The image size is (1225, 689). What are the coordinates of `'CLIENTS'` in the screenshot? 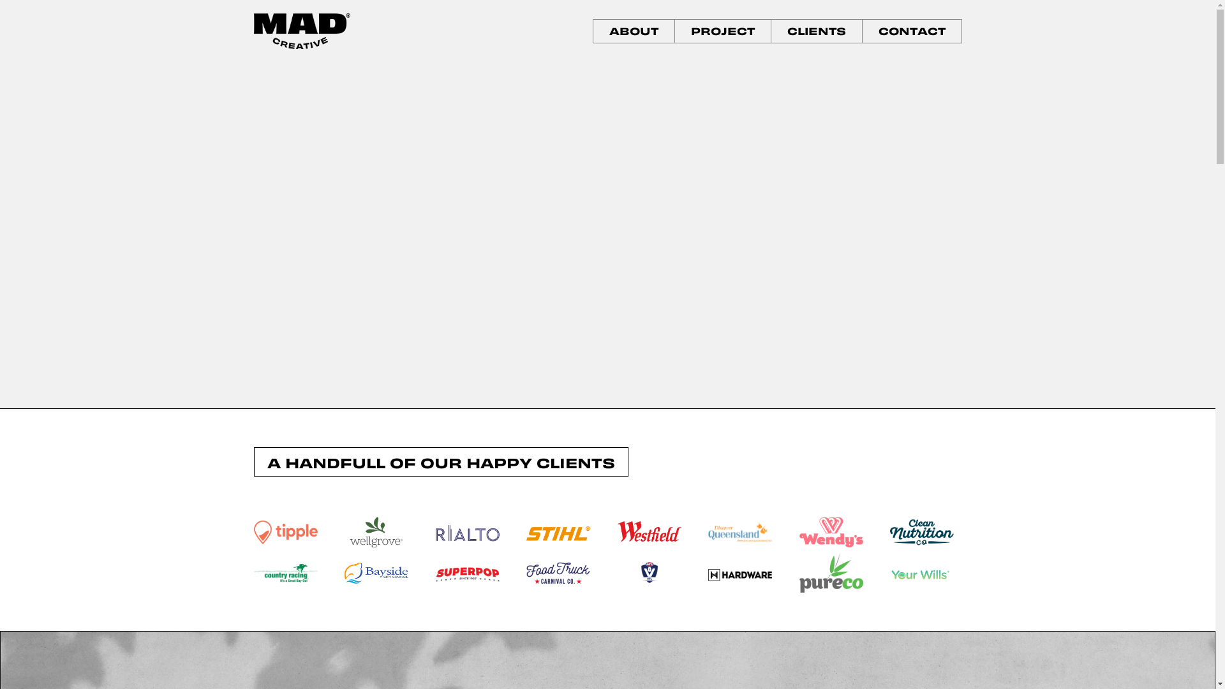 It's located at (815, 31).